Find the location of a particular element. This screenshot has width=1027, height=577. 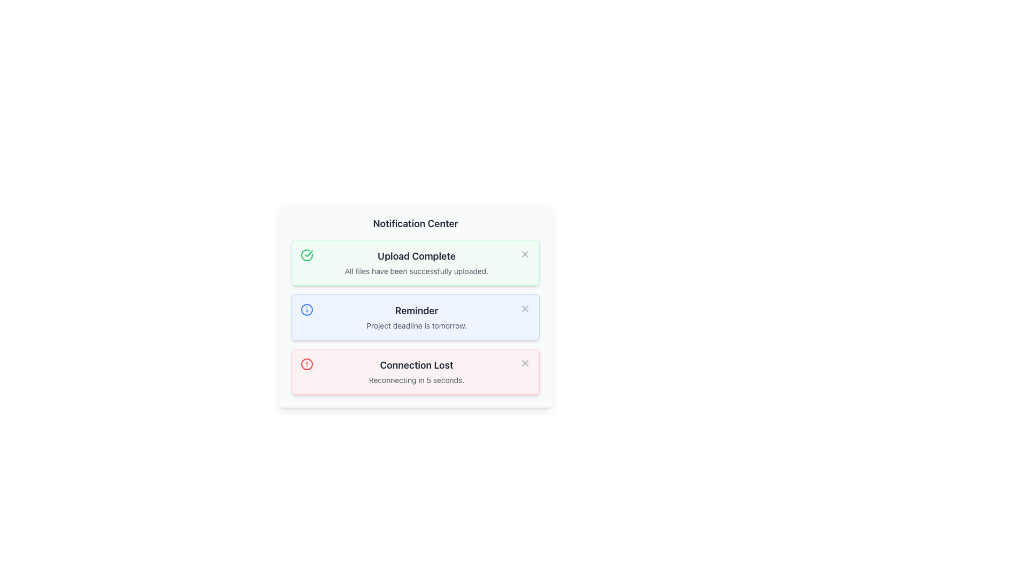

the SVG circle element that is part of the 'Connection Lost' notification alert icon, located at the bottom left of the notification list is located at coordinates (306, 364).